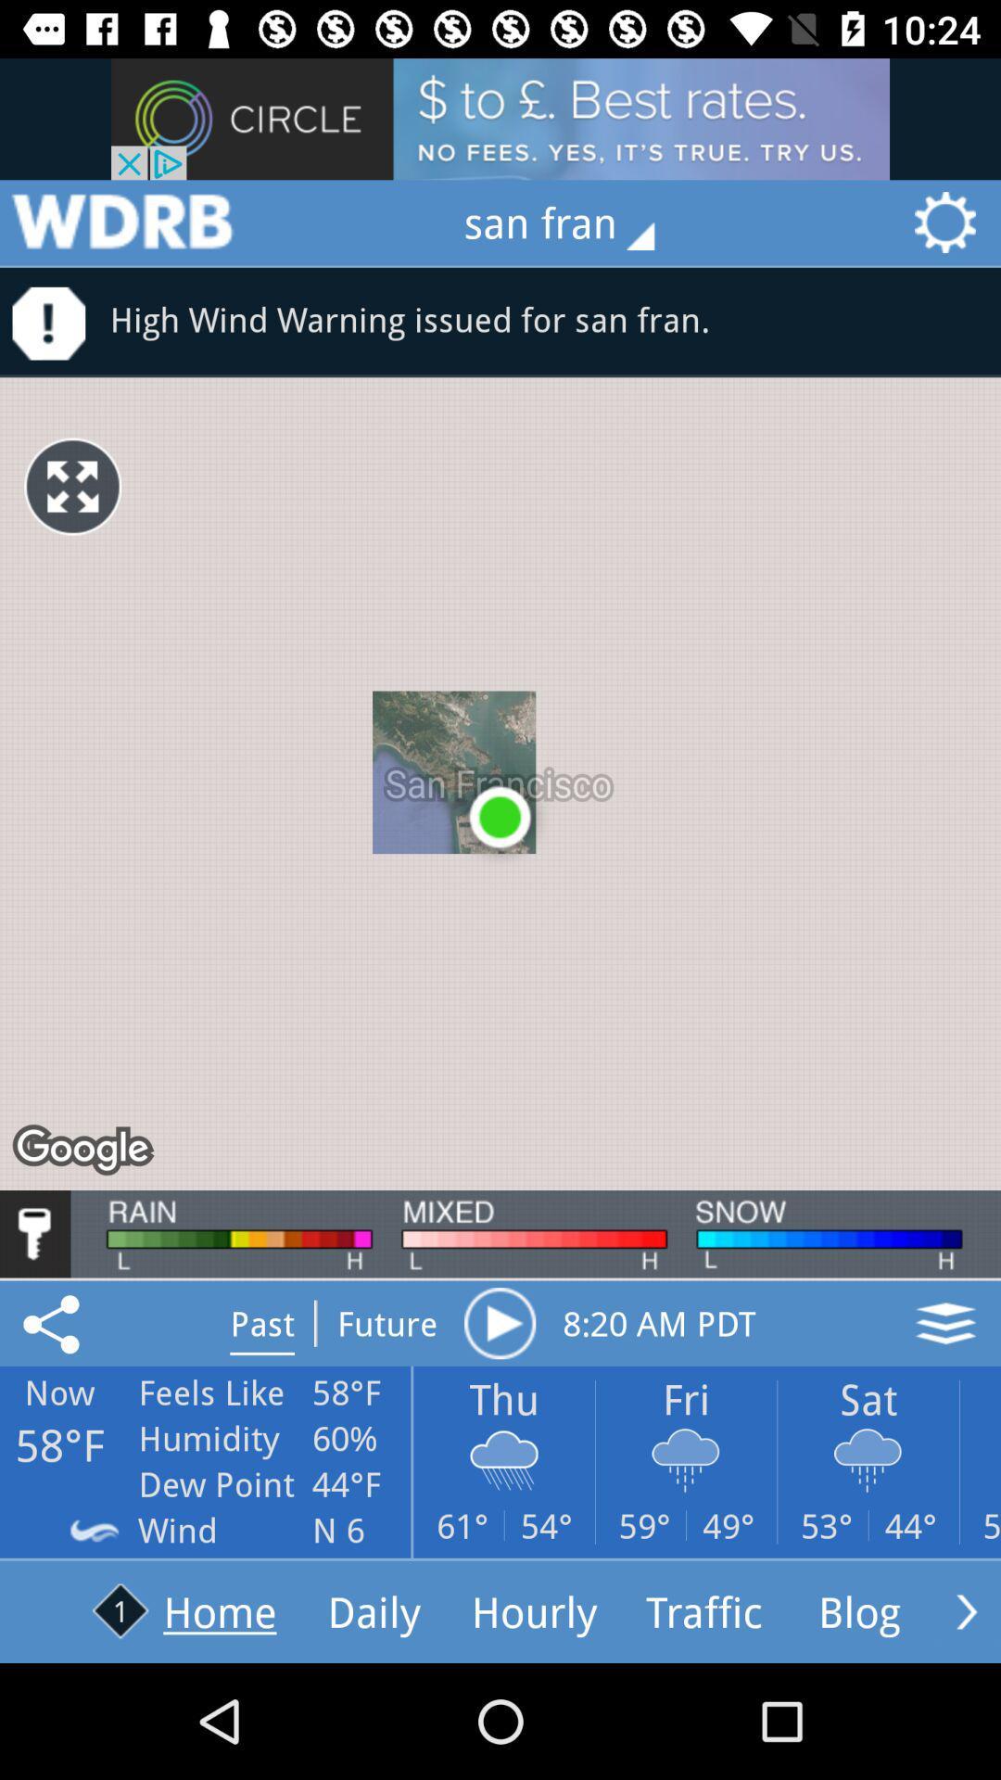 The width and height of the screenshot is (1001, 1780). I want to click on play, so click(499, 1322).